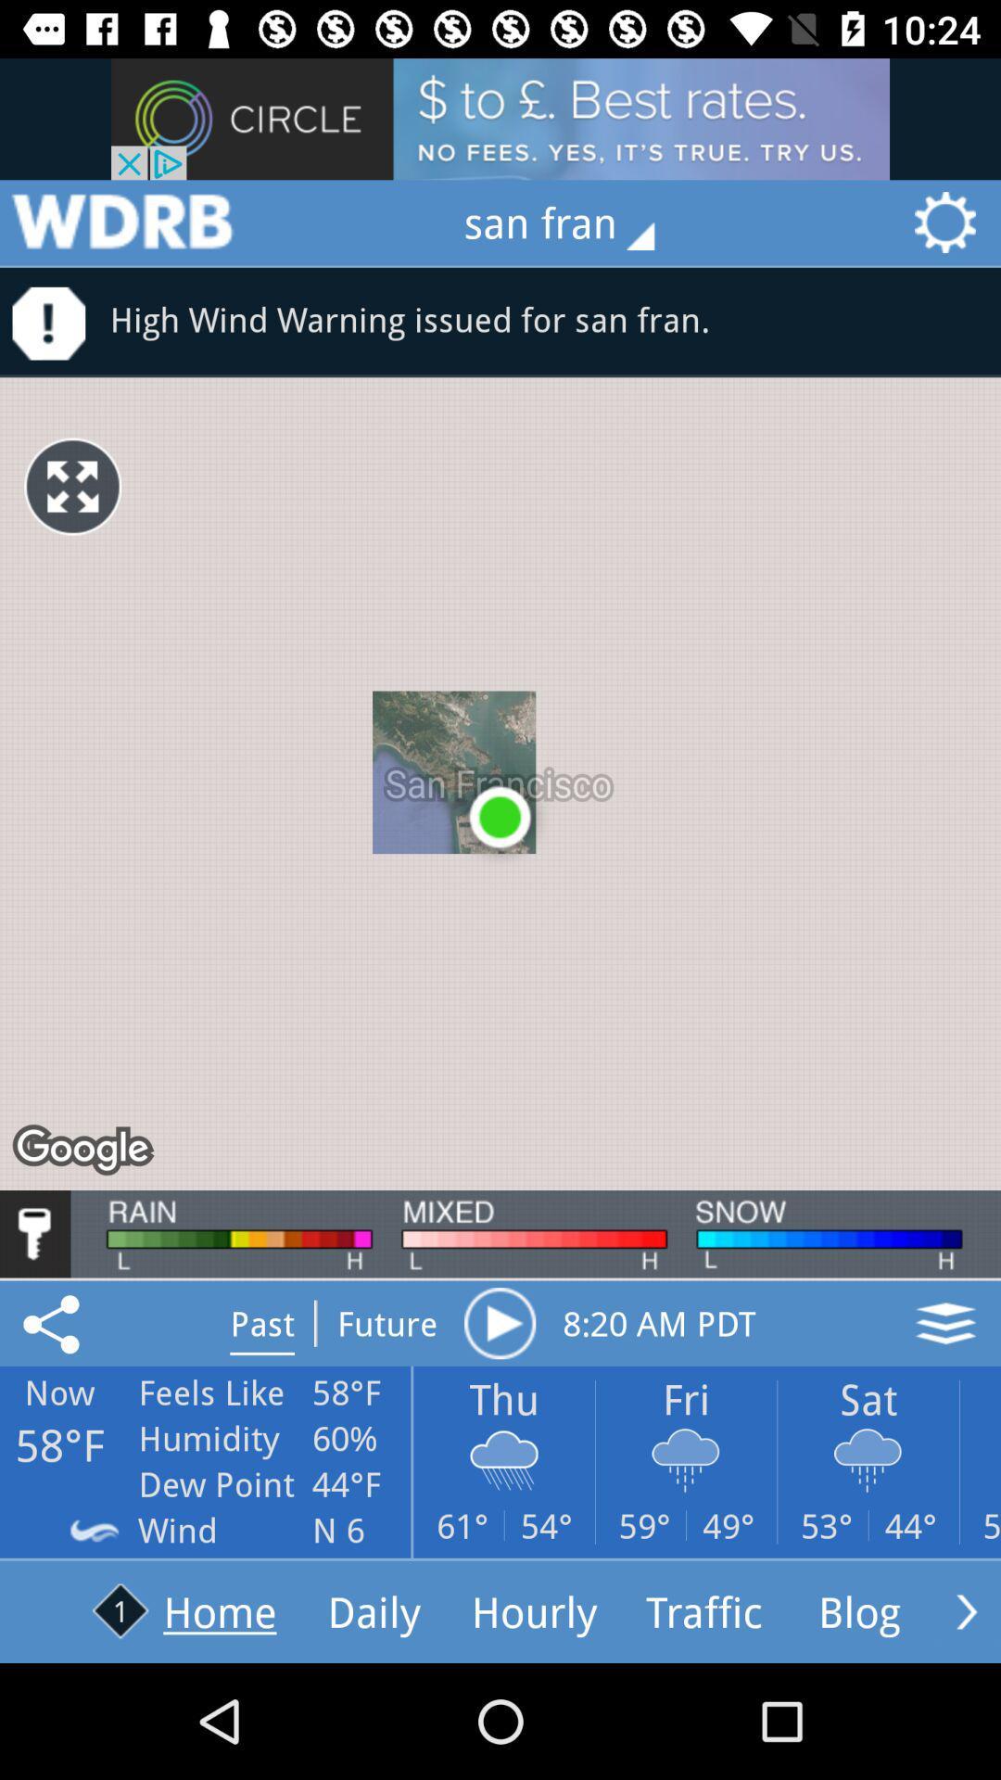 The width and height of the screenshot is (1001, 1780). I want to click on play, so click(499, 1322).